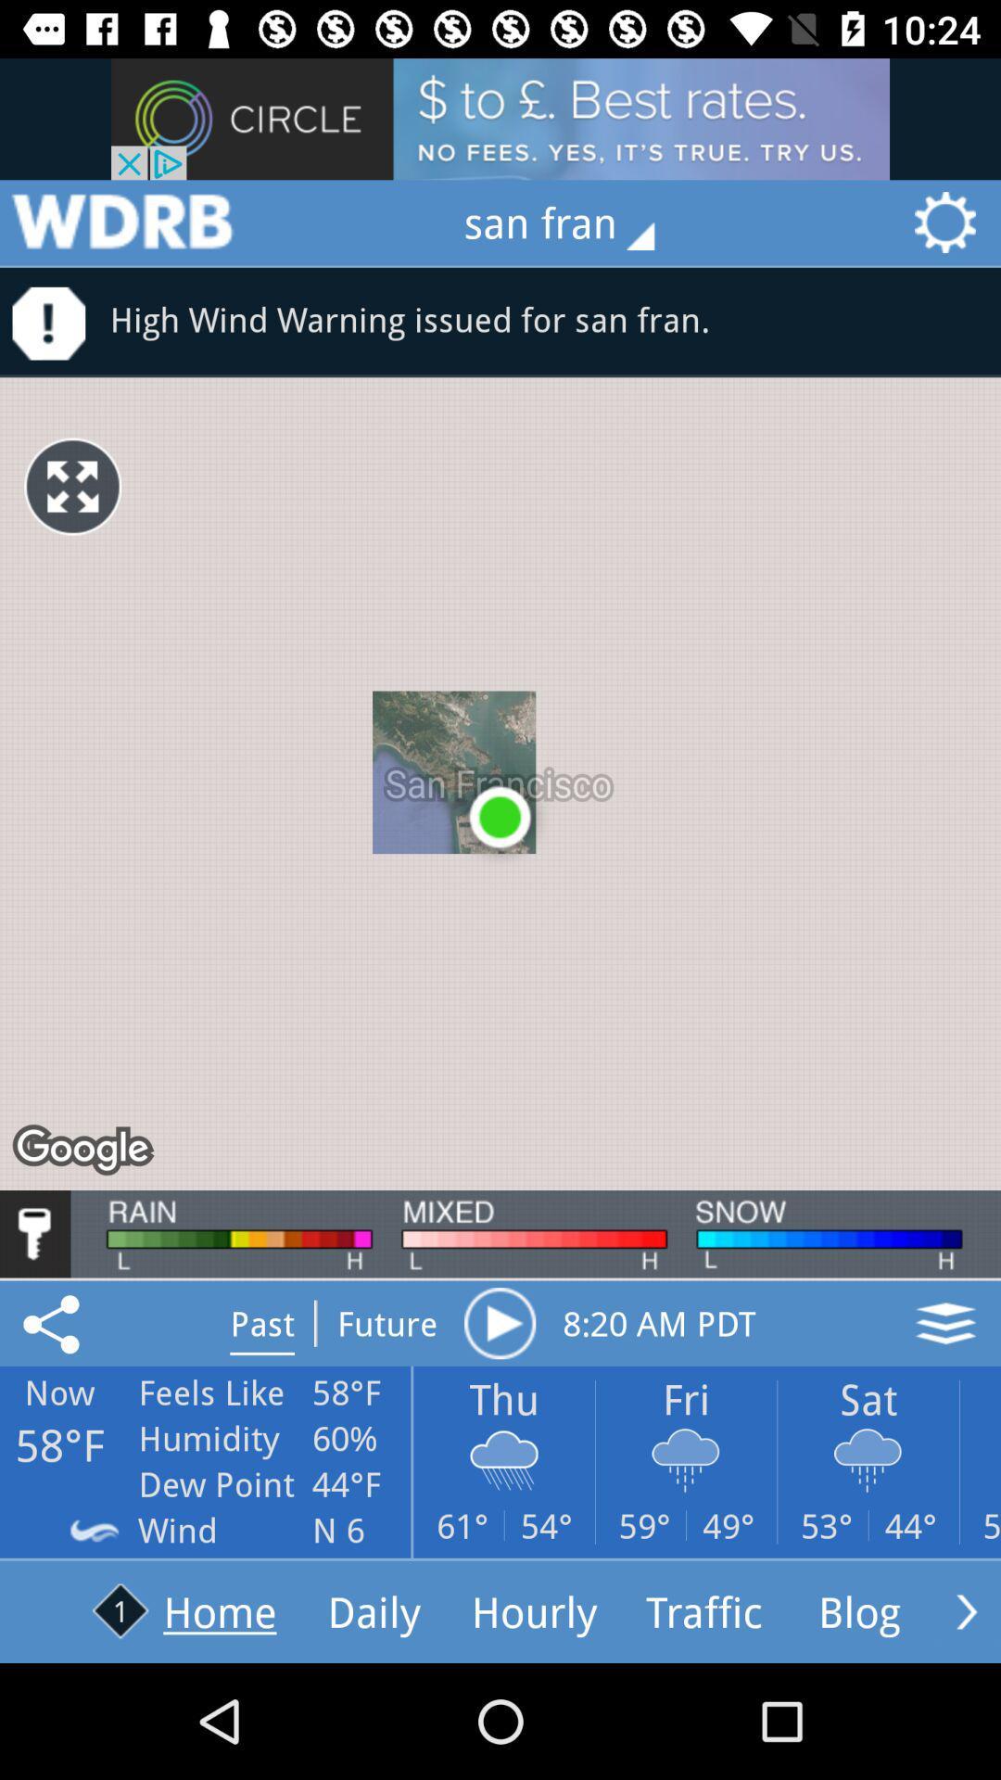 The width and height of the screenshot is (1001, 1780). I want to click on play, so click(499, 1322).